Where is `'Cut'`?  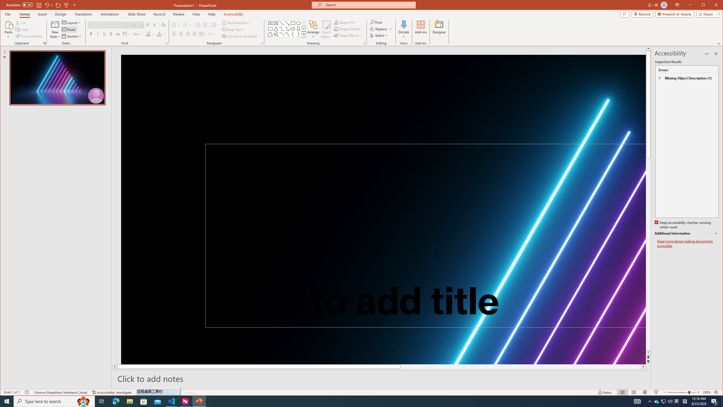 'Cut' is located at coordinates (21, 23).